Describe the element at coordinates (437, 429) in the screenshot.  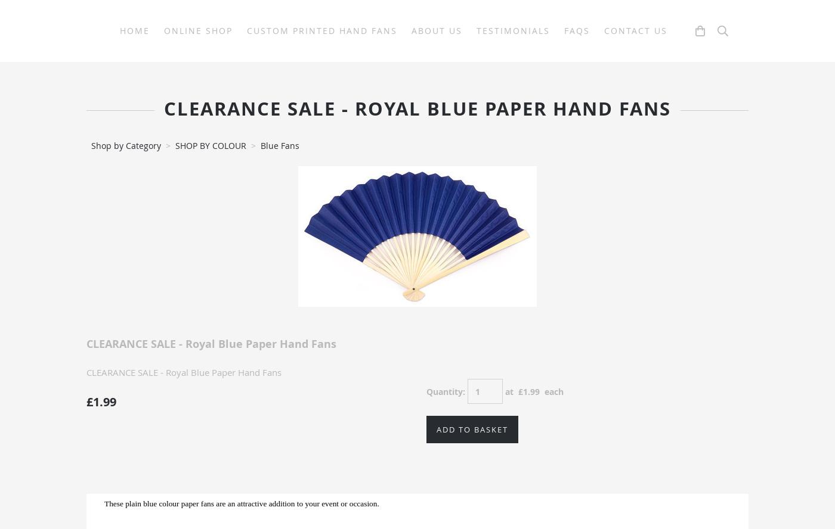
I see `'Add To Basket'` at that location.